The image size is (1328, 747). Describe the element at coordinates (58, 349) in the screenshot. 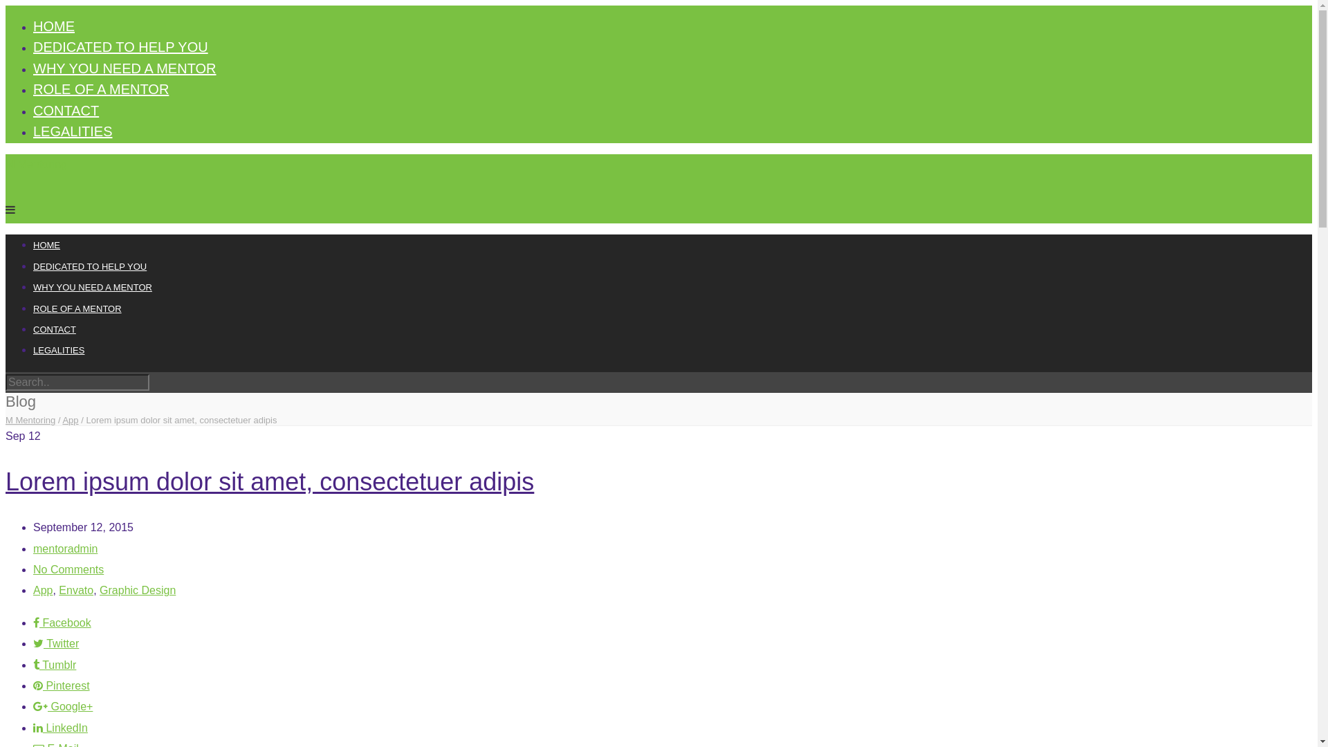

I see `'LEGALITIES'` at that location.